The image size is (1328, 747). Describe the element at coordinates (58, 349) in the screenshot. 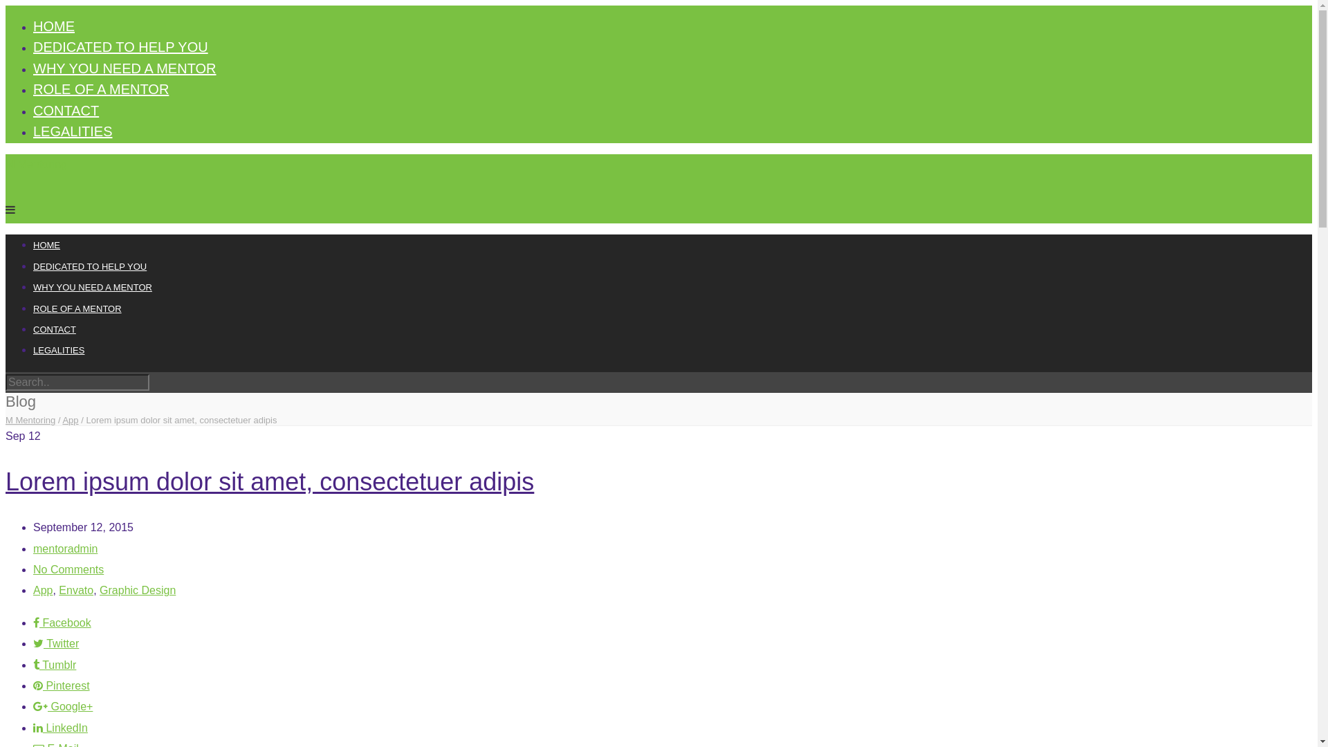

I see `'LEGALITIES'` at that location.